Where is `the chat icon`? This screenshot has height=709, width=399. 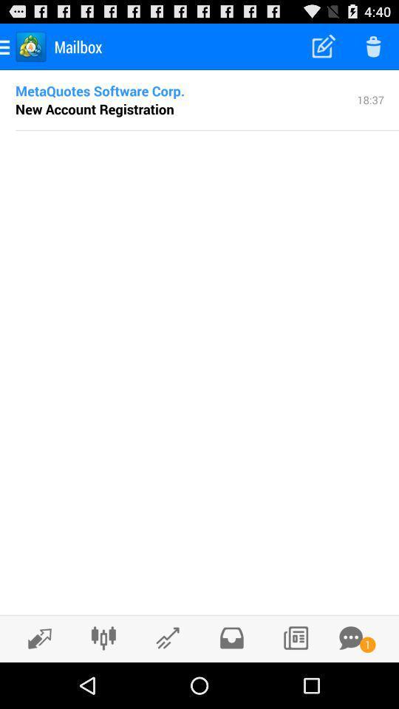
the chat icon is located at coordinates (350, 682).